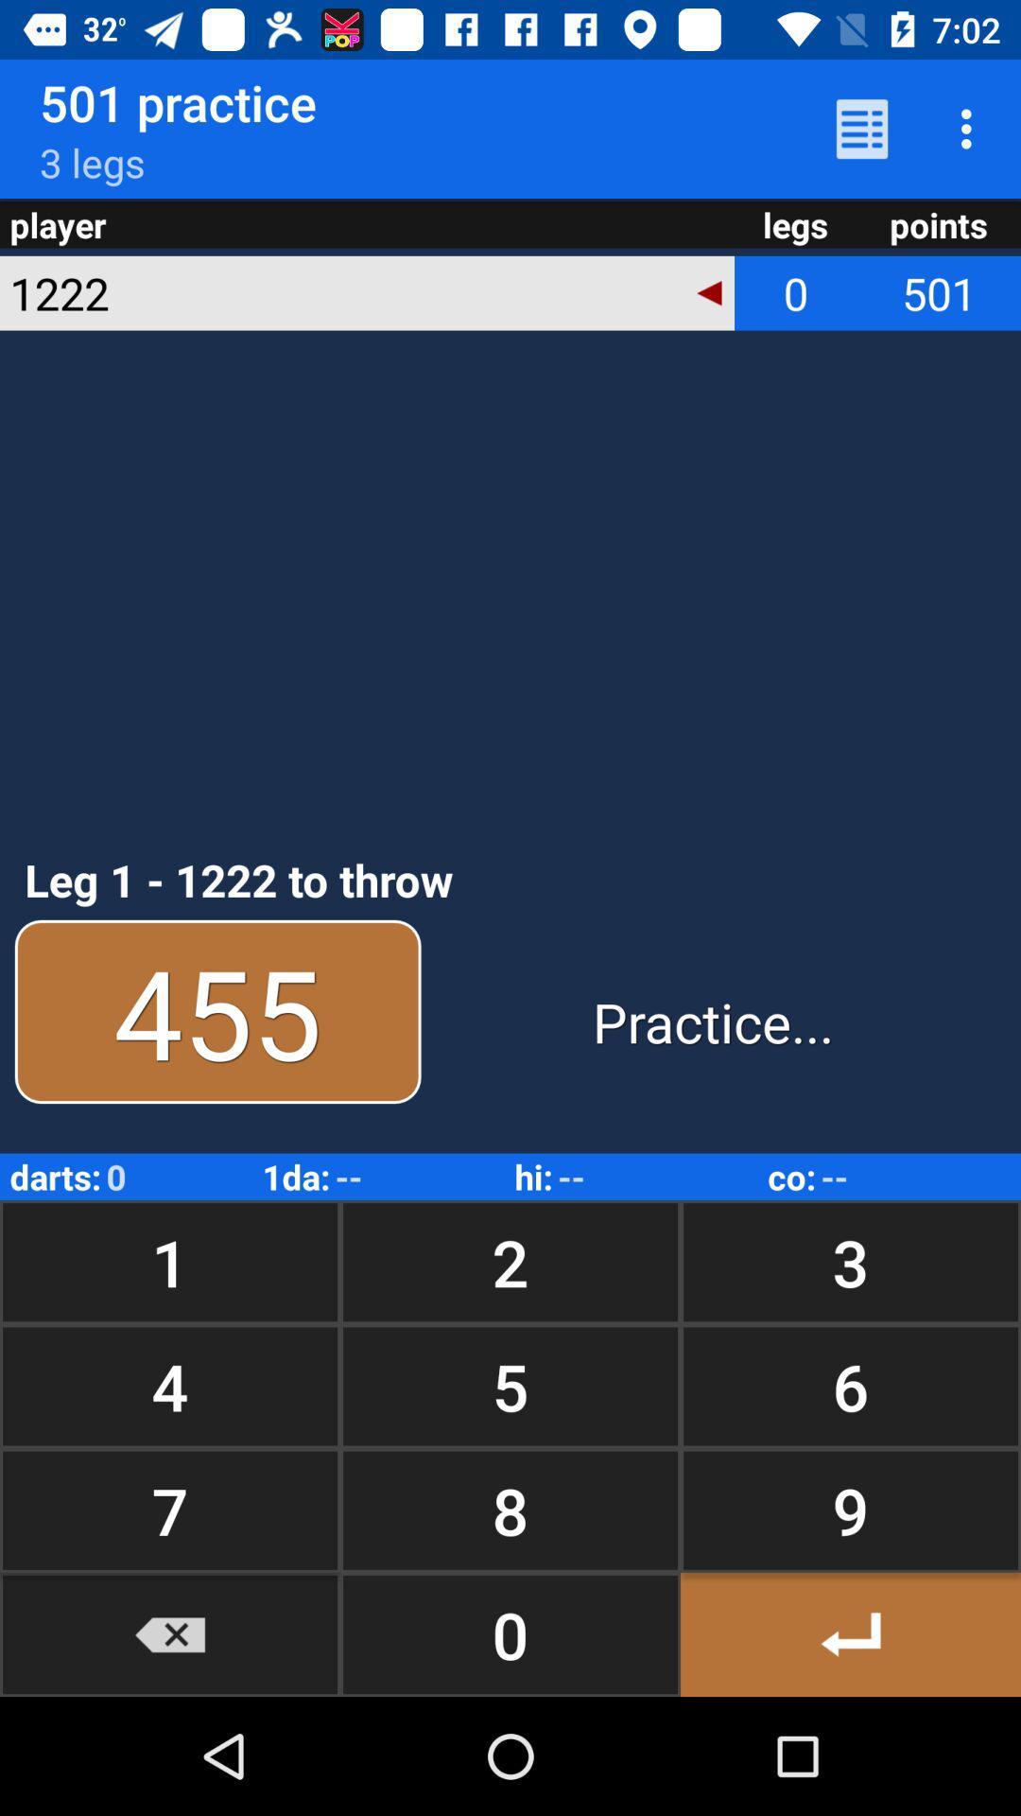  What do you see at coordinates (861, 128) in the screenshot?
I see `the icon above legs app` at bounding box center [861, 128].